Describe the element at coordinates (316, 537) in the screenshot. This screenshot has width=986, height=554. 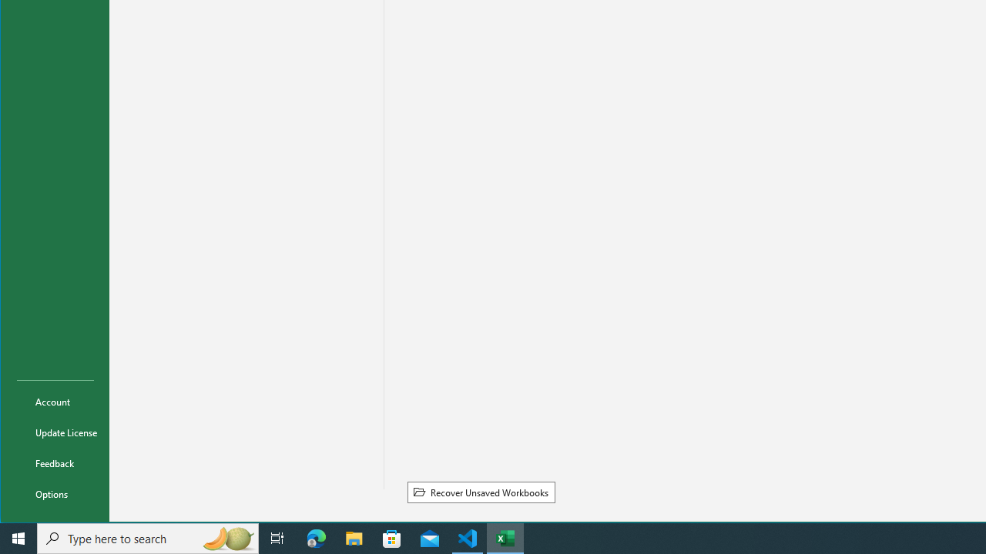
I see `'Microsoft Edge'` at that location.